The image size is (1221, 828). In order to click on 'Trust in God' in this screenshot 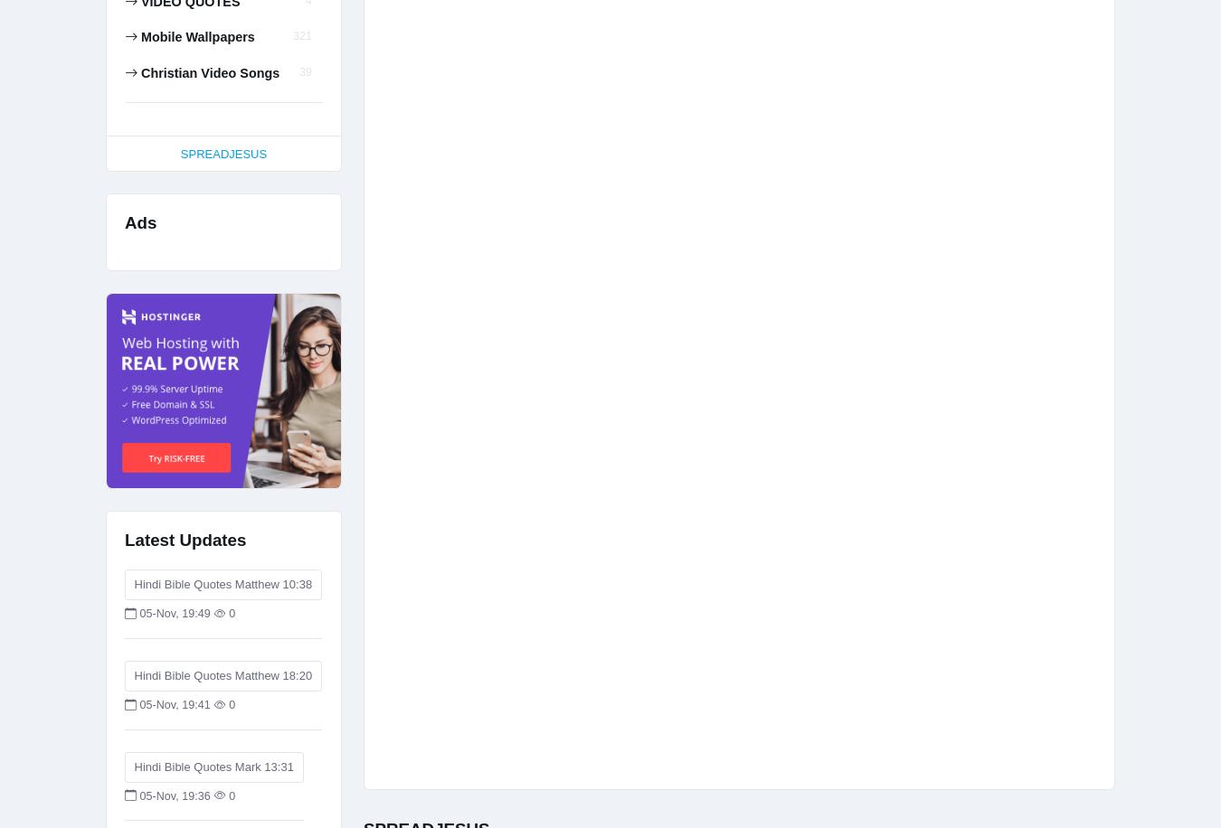, I will do `click(470, 143)`.